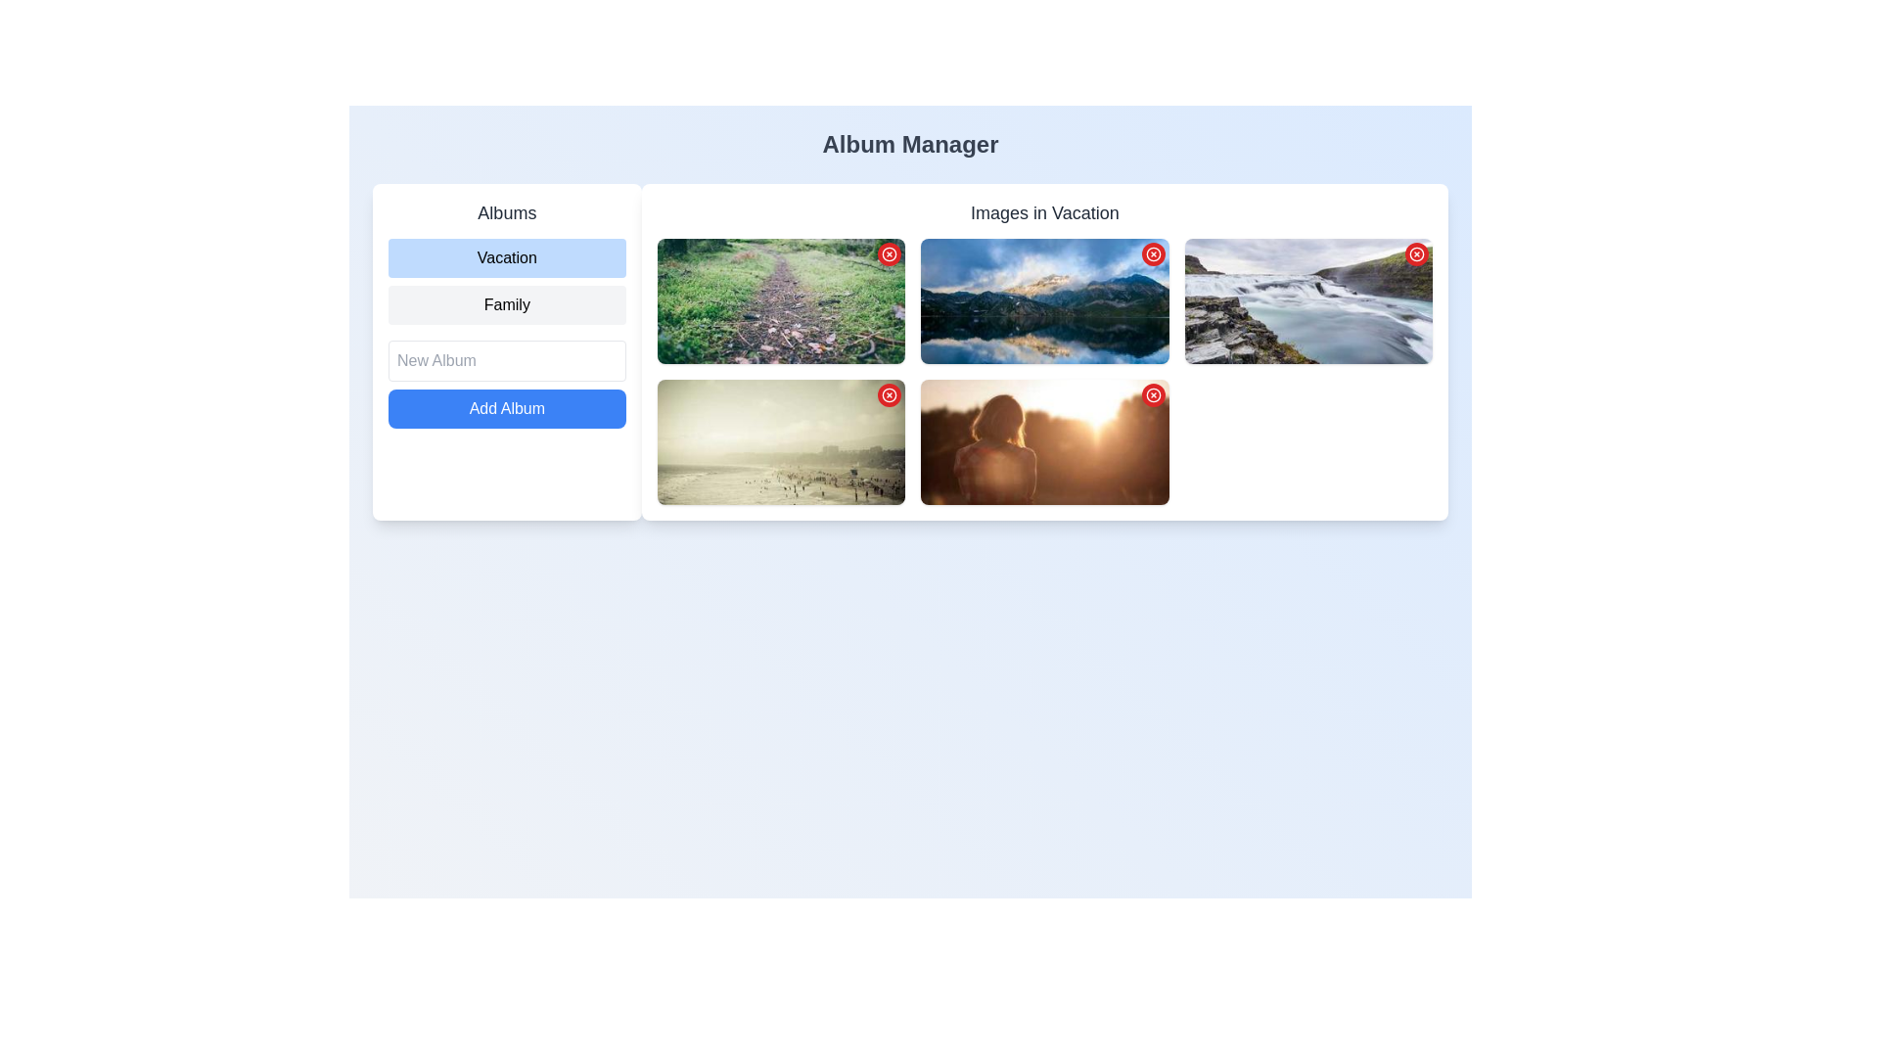  Describe the element at coordinates (1153, 253) in the screenshot. I see `the small circular button with a red background and white cross symbol located at the top-right corner of the third image under 'Images in Vacation'` at that location.